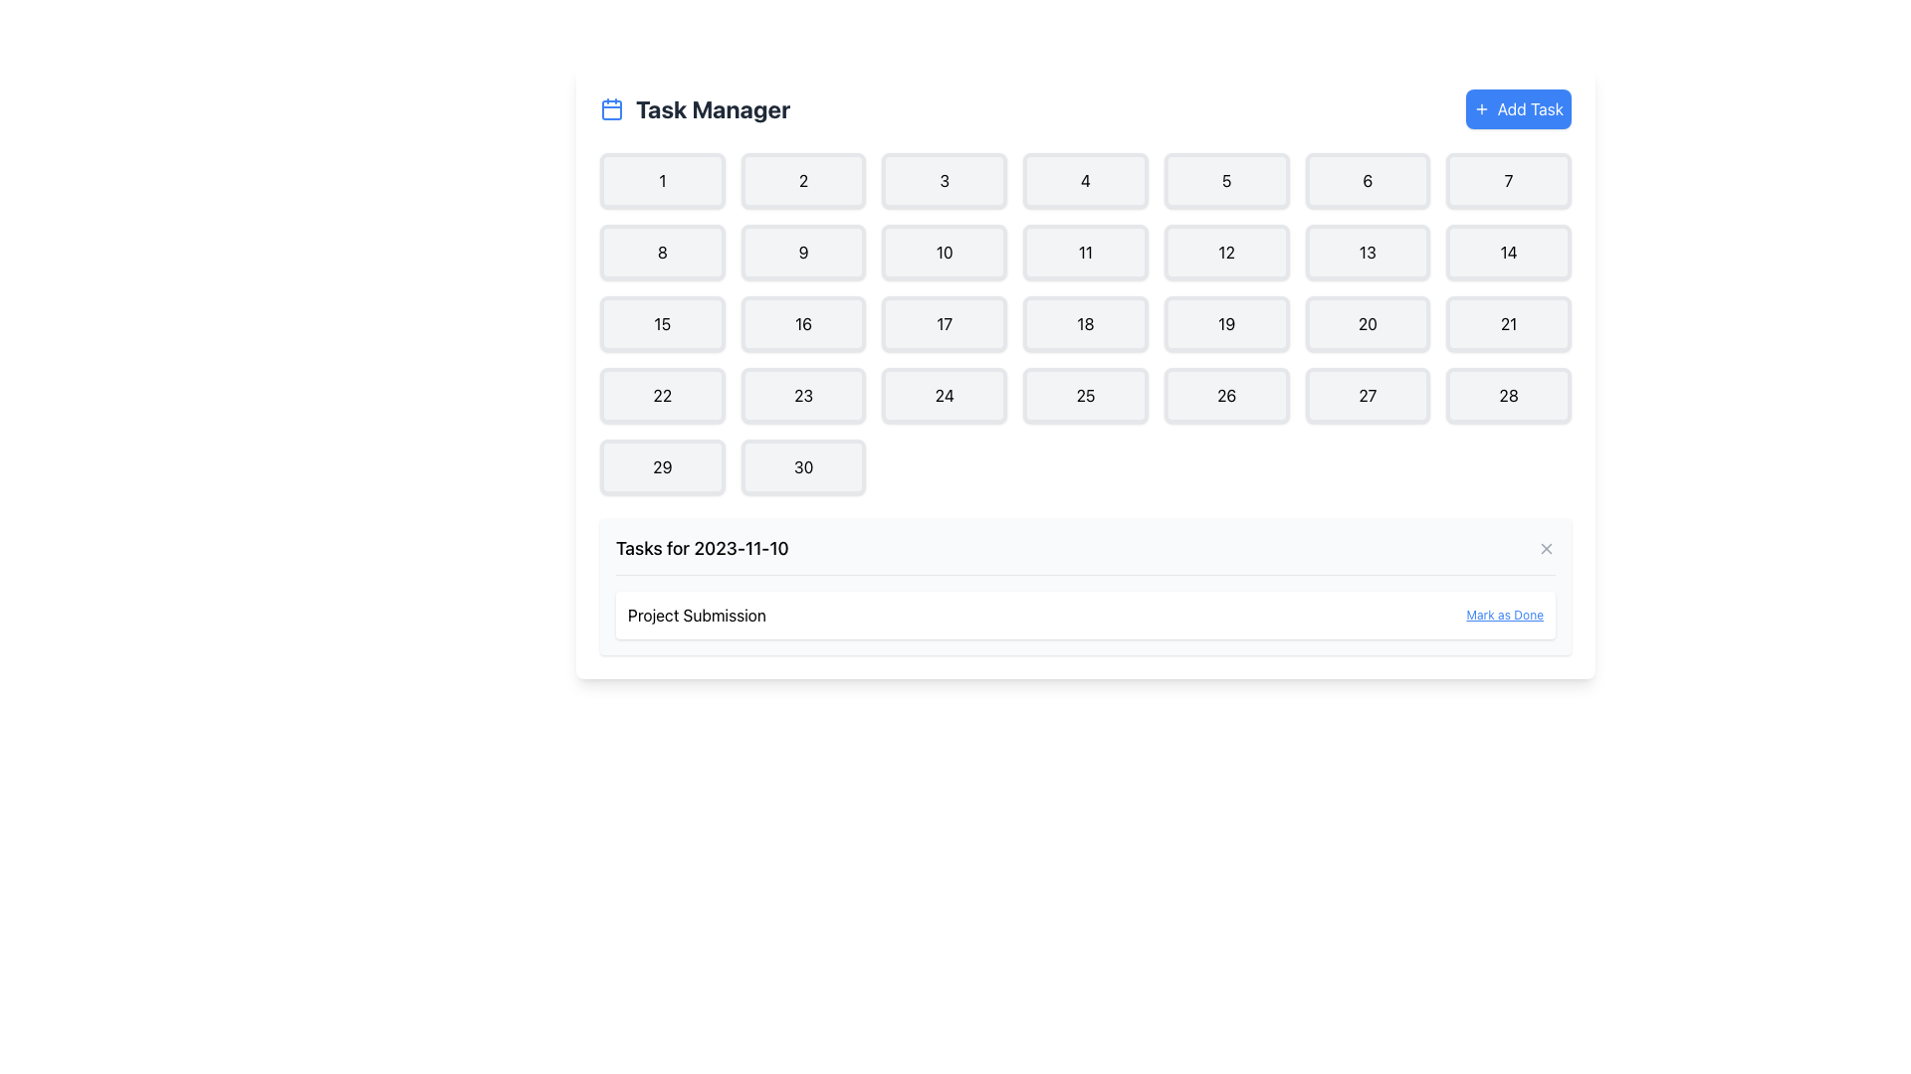  What do you see at coordinates (944, 323) in the screenshot?
I see `the button representing the 17th day of the month` at bounding box center [944, 323].